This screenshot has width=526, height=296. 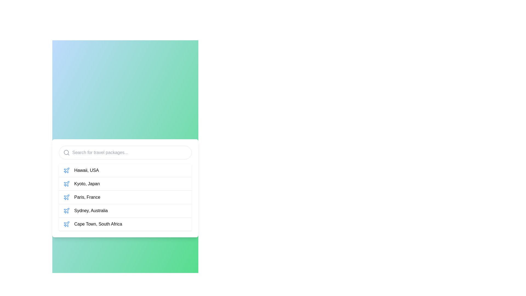 What do you see at coordinates (98, 224) in the screenshot?
I see `the text label for the travel package to 'Cape Town, South Africa'` at bounding box center [98, 224].